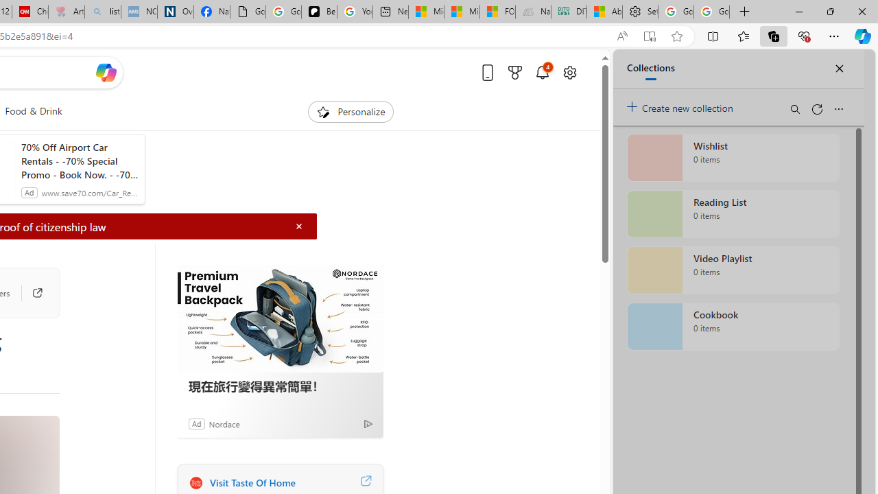  Describe the element at coordinates (298, 226) in the screenshot. I see `'Hide'` at that location.